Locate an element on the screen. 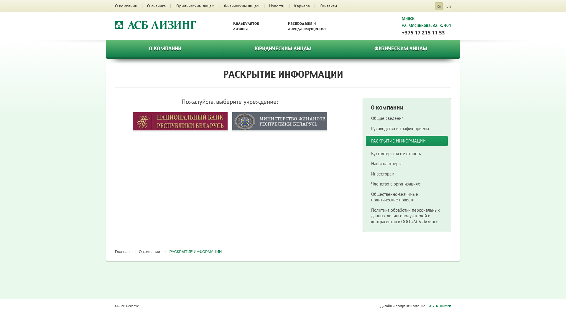 The image size is (566, 318). 'En' is located at coordinates (446, 6).